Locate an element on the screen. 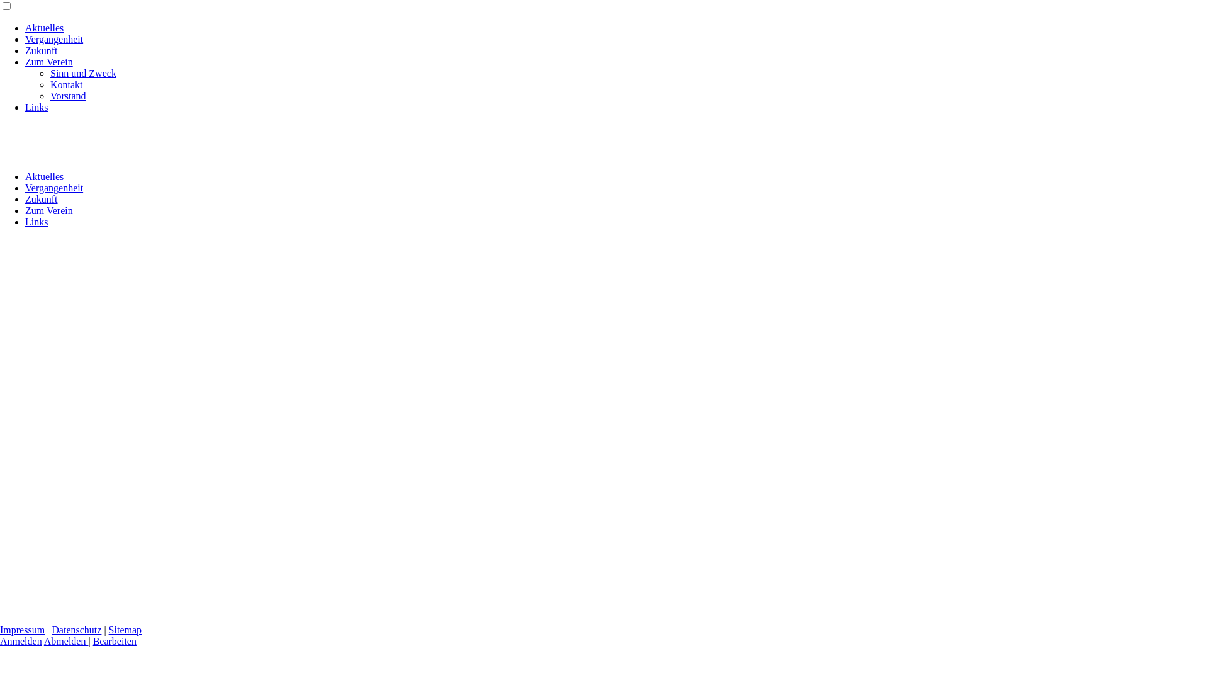 This screenshot has height=680, width=1208. 'Anmelden' is located at coordinates (21, 641).